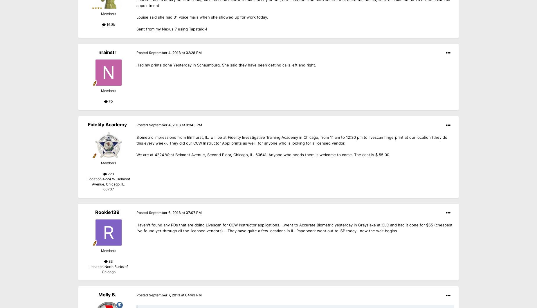 The height and width of the screenshot is (308, 537). I want to click on 'Had my prints done Yesterday in Schaumburg. She said they have been getting calls left and right.', so click(226, 64).